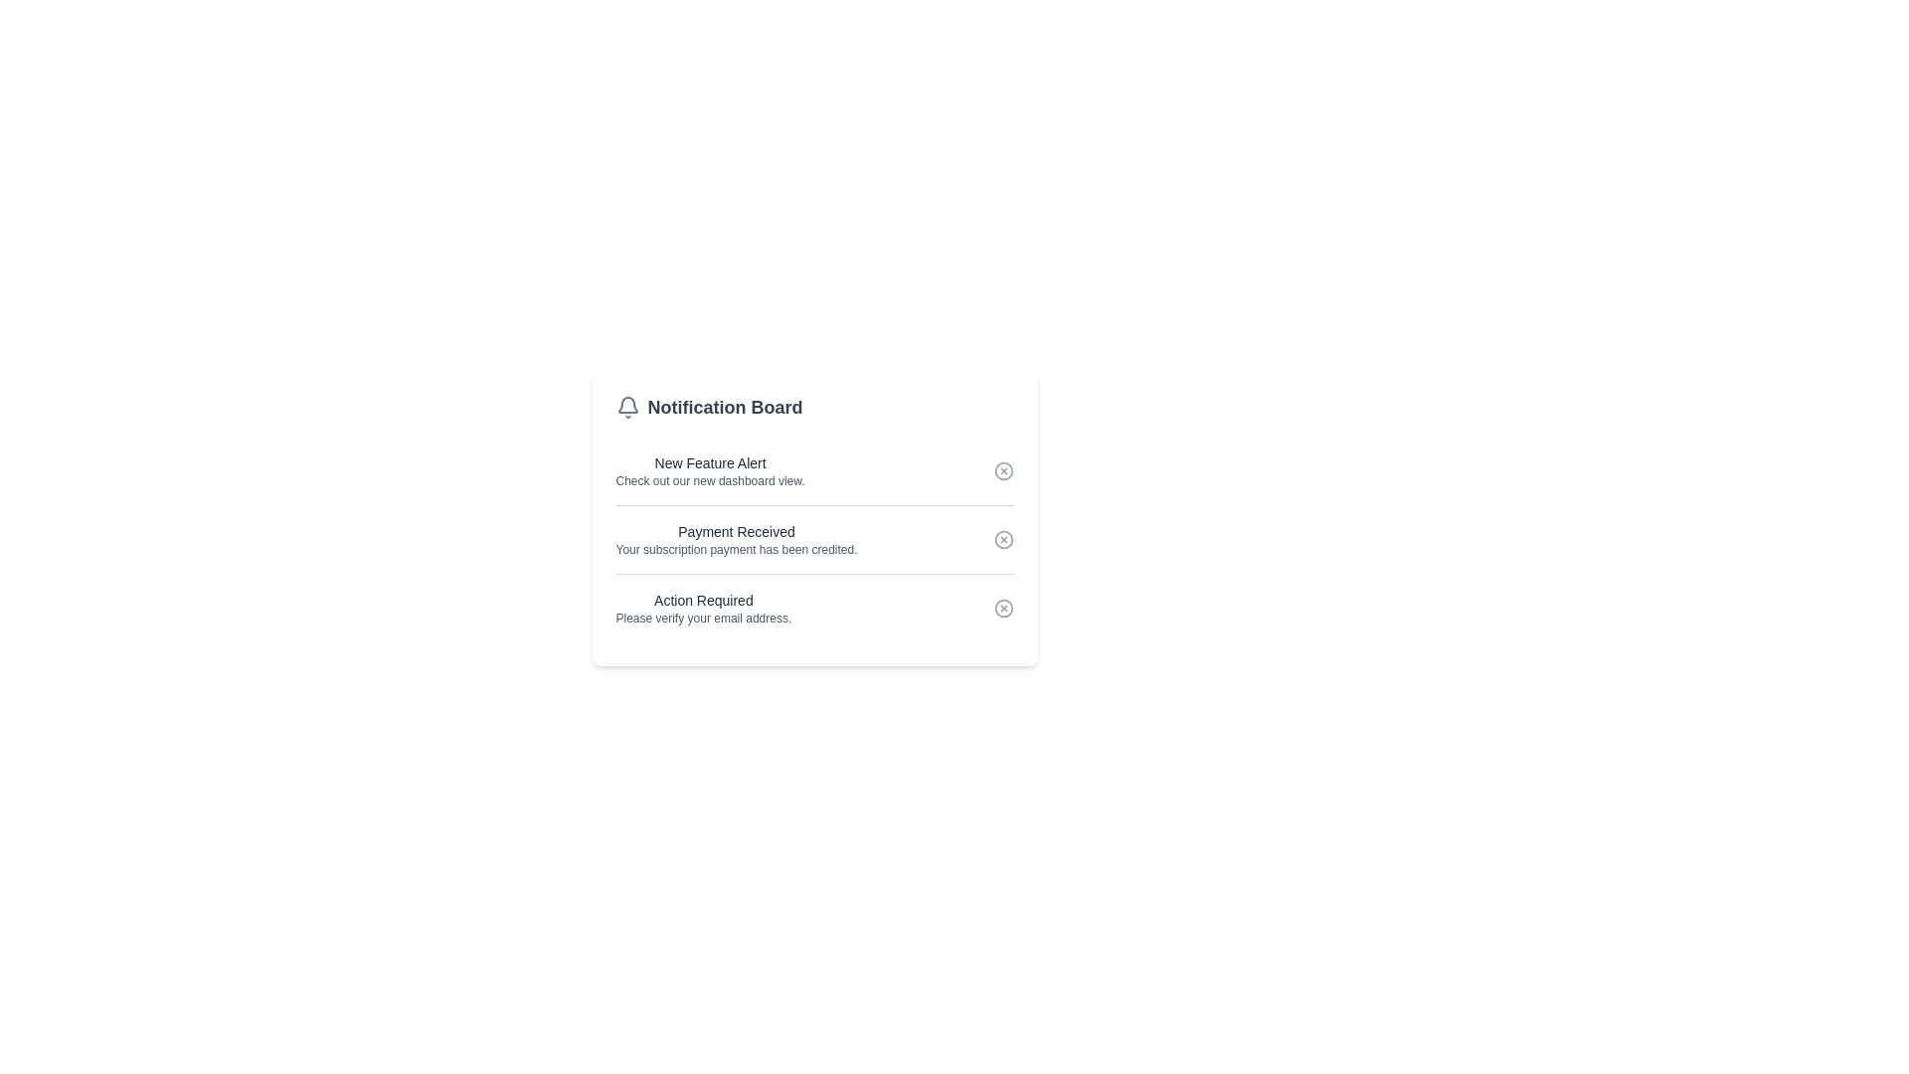 The height and width of the screenshot is (1074, 1909). What do you see at coordinates (1003, 608) in the screenshot?
I see `the circle located at the lower-right of the notification card` at bounding box center [1003, 608].